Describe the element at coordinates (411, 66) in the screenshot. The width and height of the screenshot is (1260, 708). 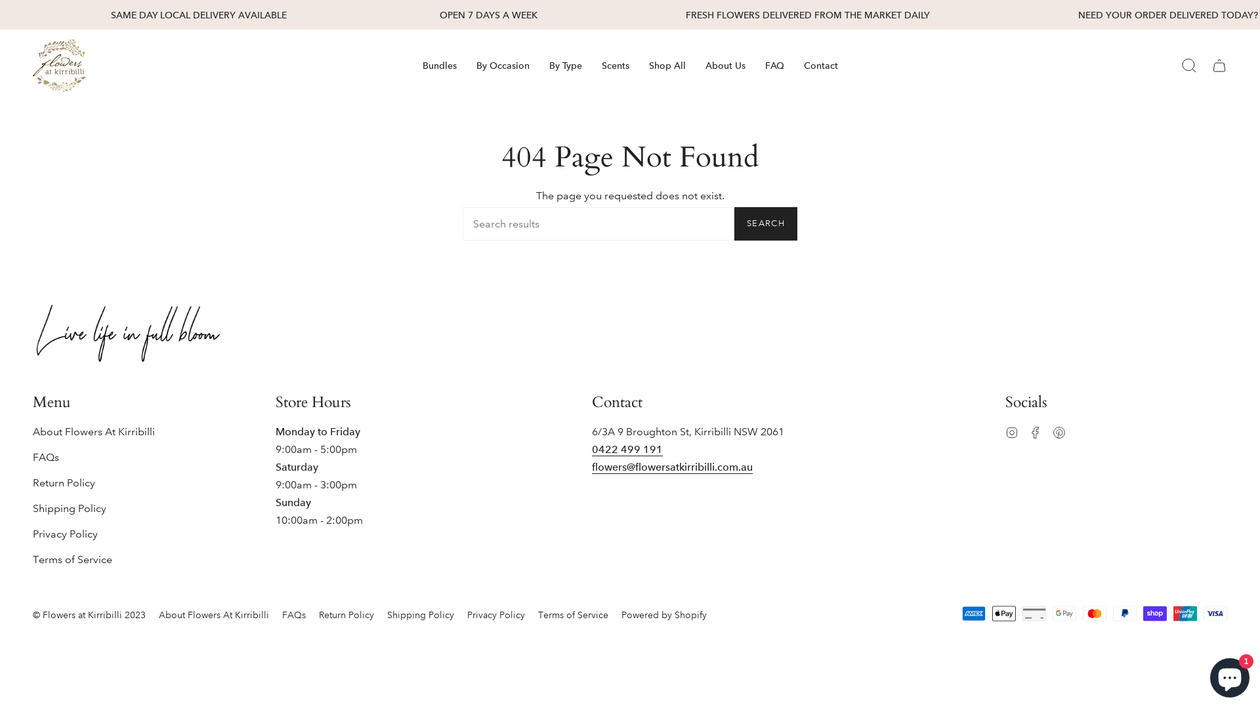
I see `'Bundles'` at that location.